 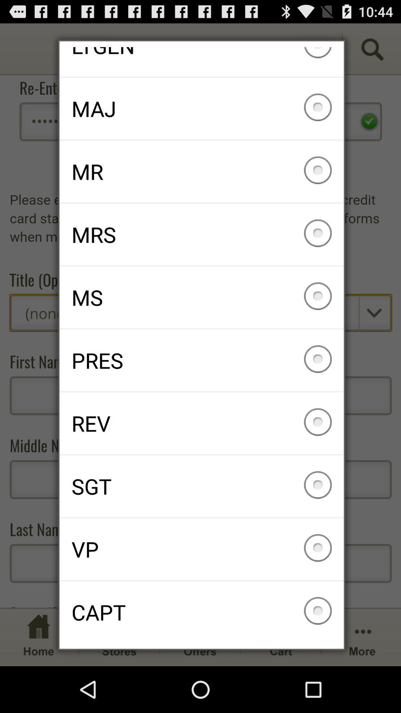 What do you see at coordinates (201, 612) in the screenshot?
I see `capt icon` at bounding box center [201, 612].